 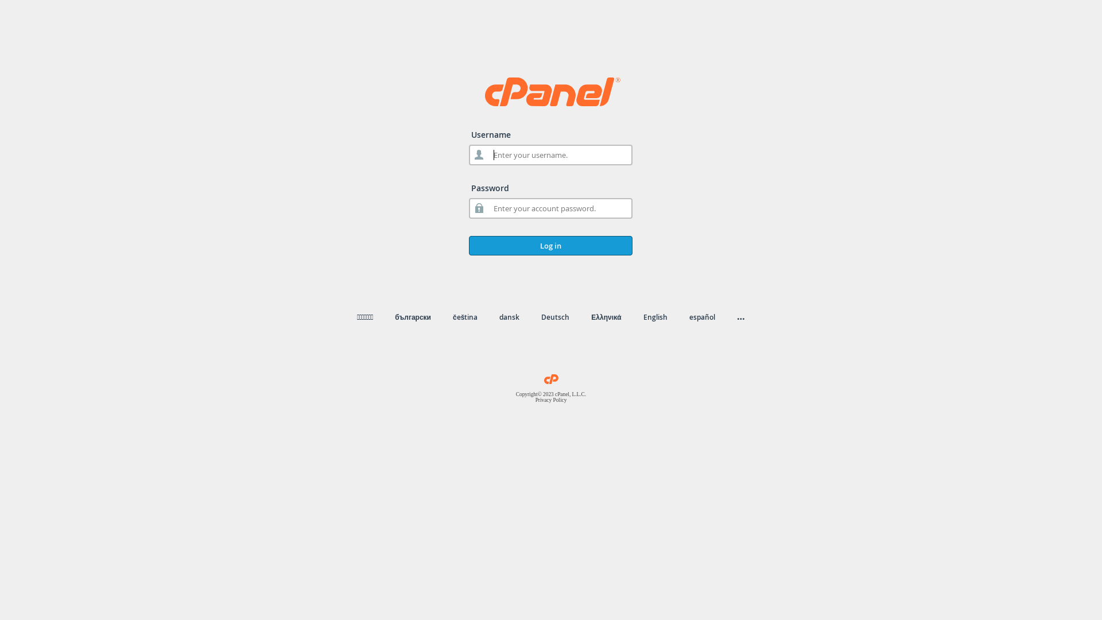 What do you see at coordinates (555, 317) in the screenshot?
I see `'Deutsch'` at bounding box center [555, 317].